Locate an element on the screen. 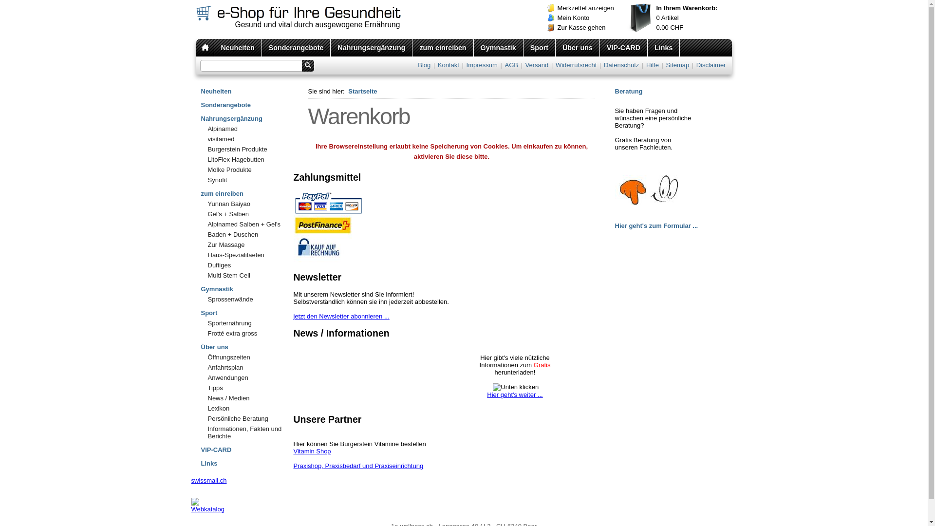 This screenshot has height=526, width=935. 'AGB' is located at coordinates (503, 65).